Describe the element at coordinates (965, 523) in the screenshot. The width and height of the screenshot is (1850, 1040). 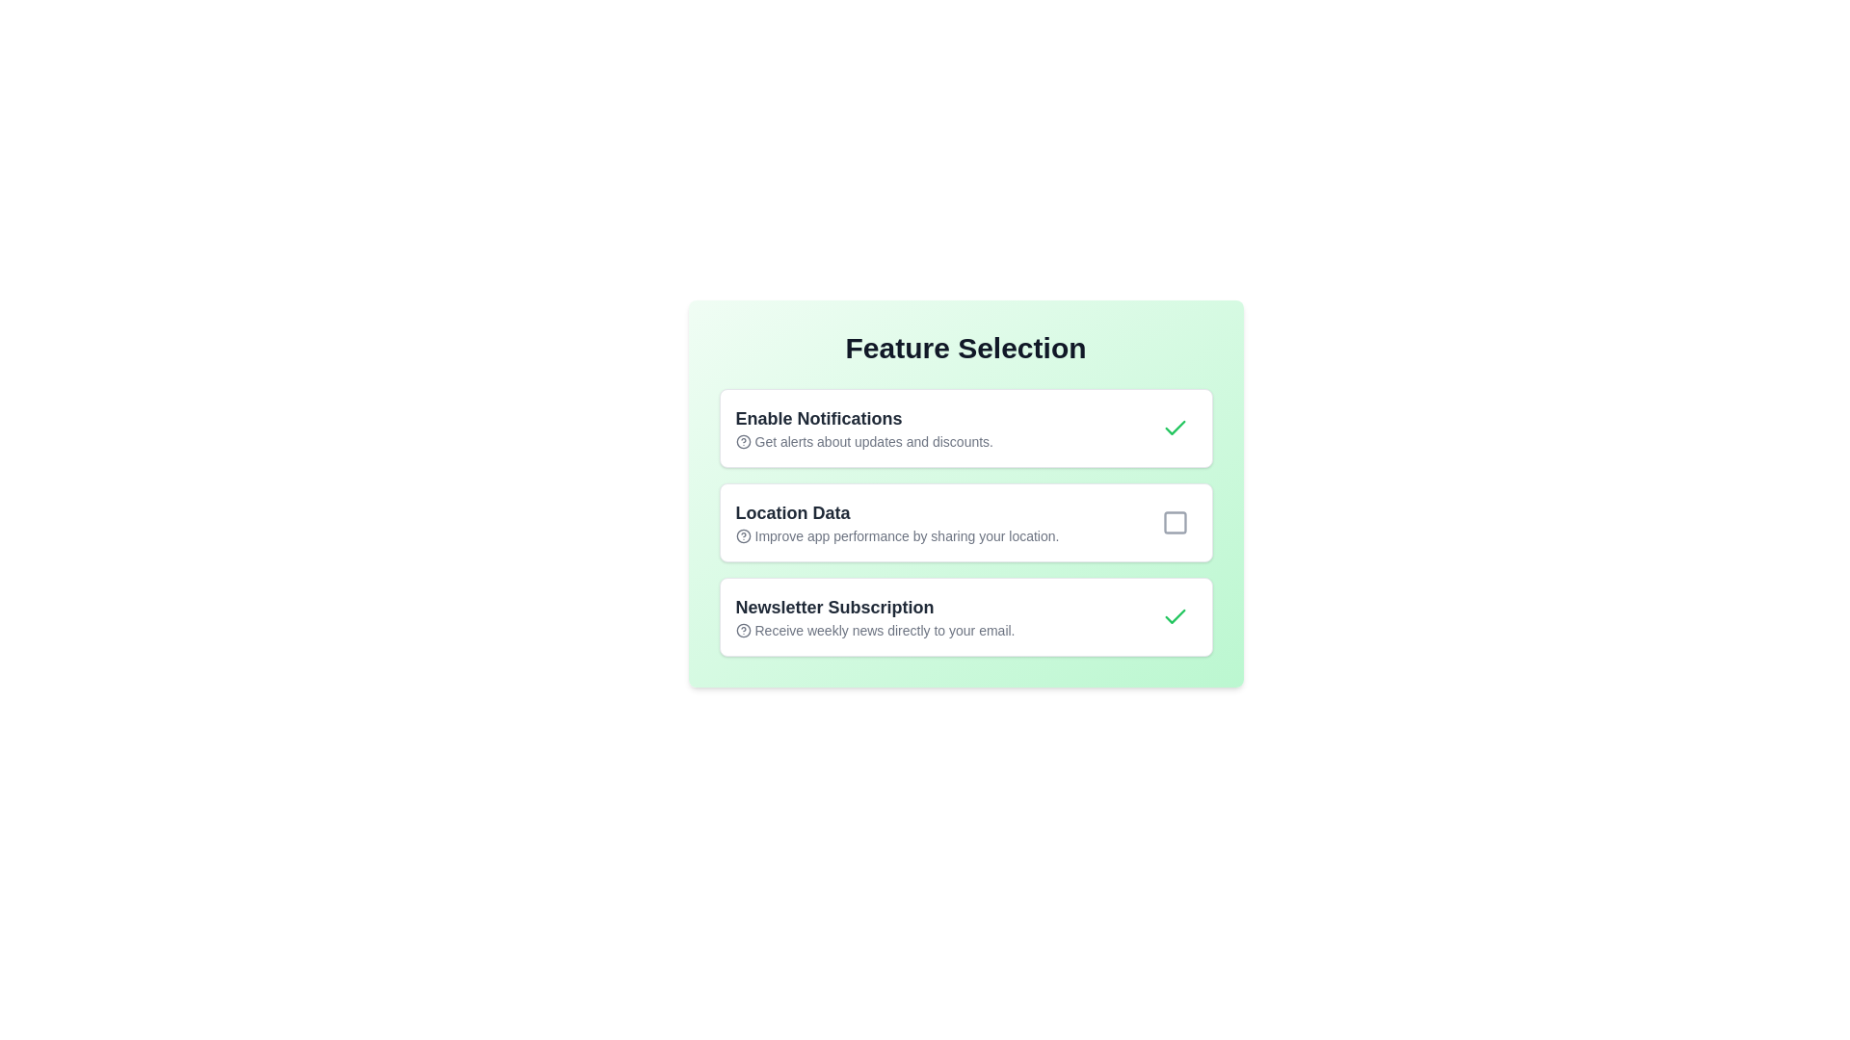
I see `the grouped list of selectable items located below the 'Feature Selection' title` at that location.